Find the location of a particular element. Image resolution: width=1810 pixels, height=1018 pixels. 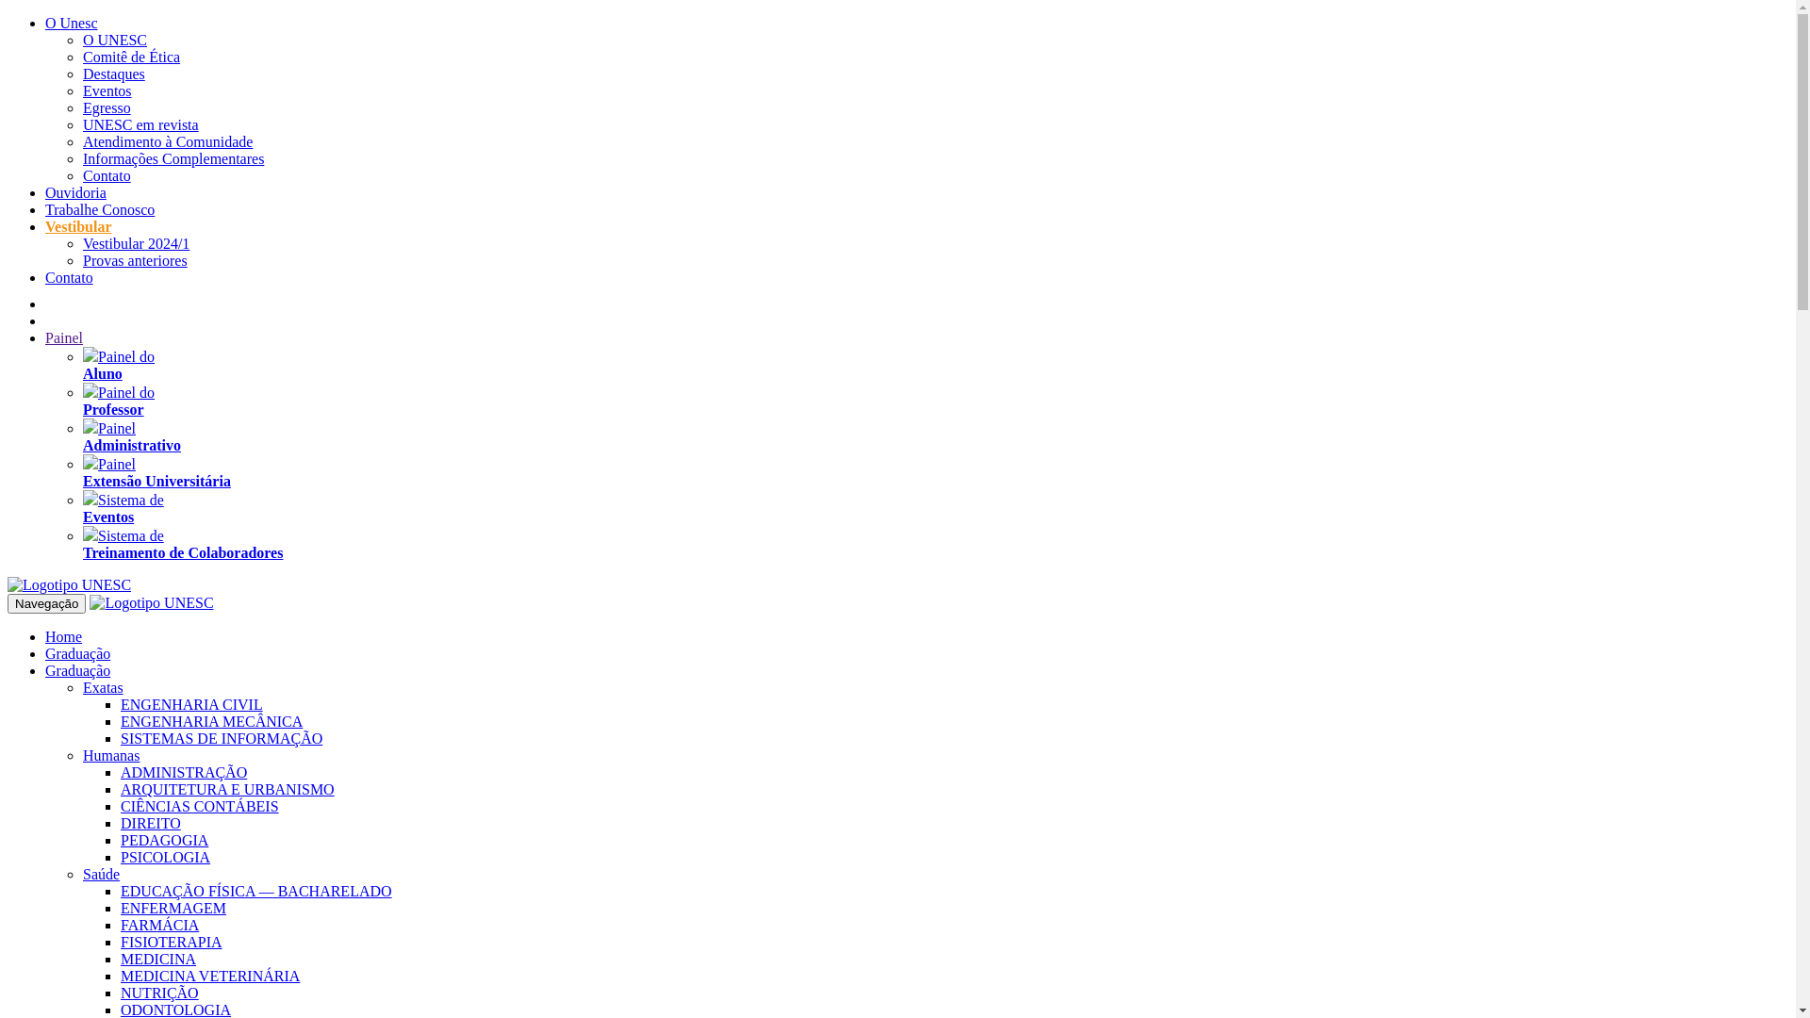

'UNESC' is located at coordinates (69, 584).